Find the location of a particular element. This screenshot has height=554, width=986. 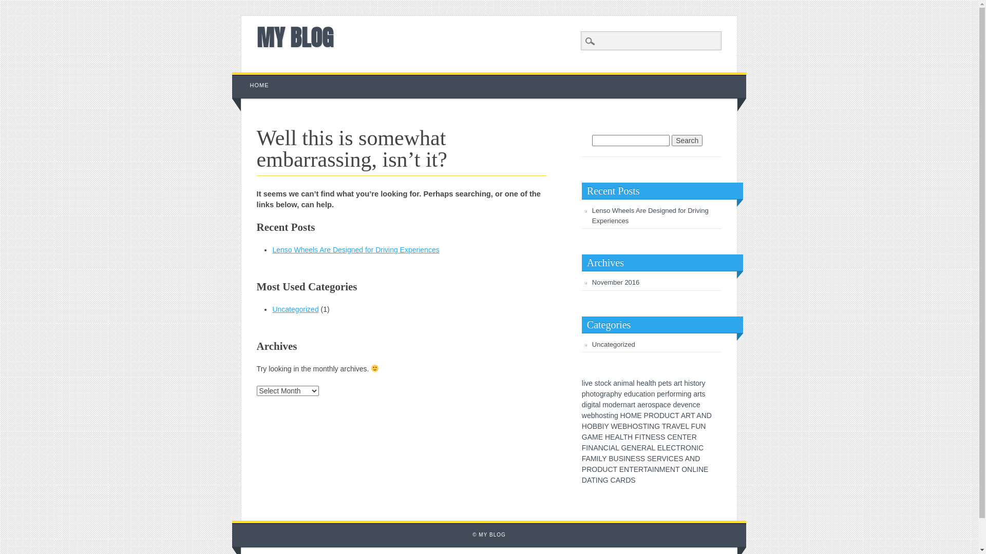

'a' is located at coordinates (640, 393).